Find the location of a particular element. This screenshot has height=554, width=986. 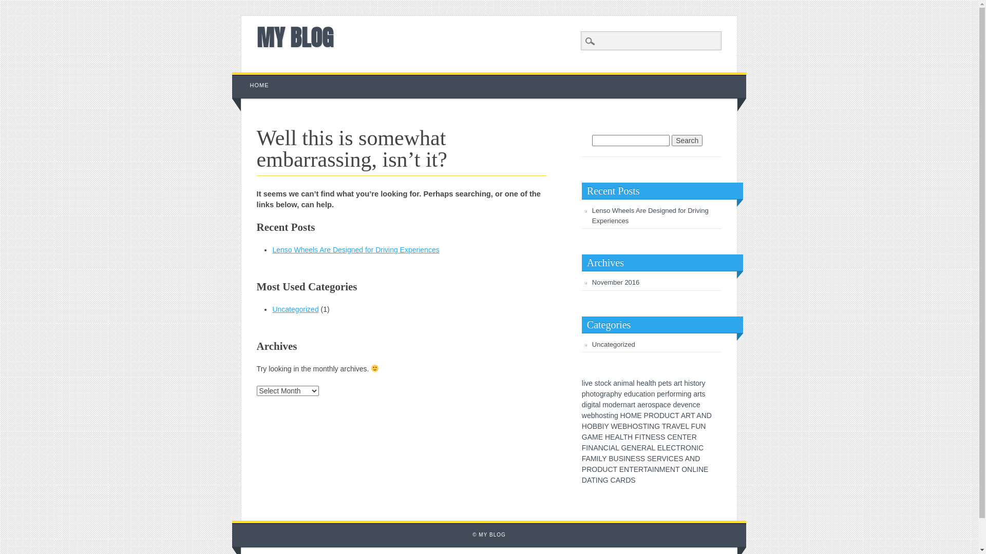

'a' is located at coordinates (640, 393).